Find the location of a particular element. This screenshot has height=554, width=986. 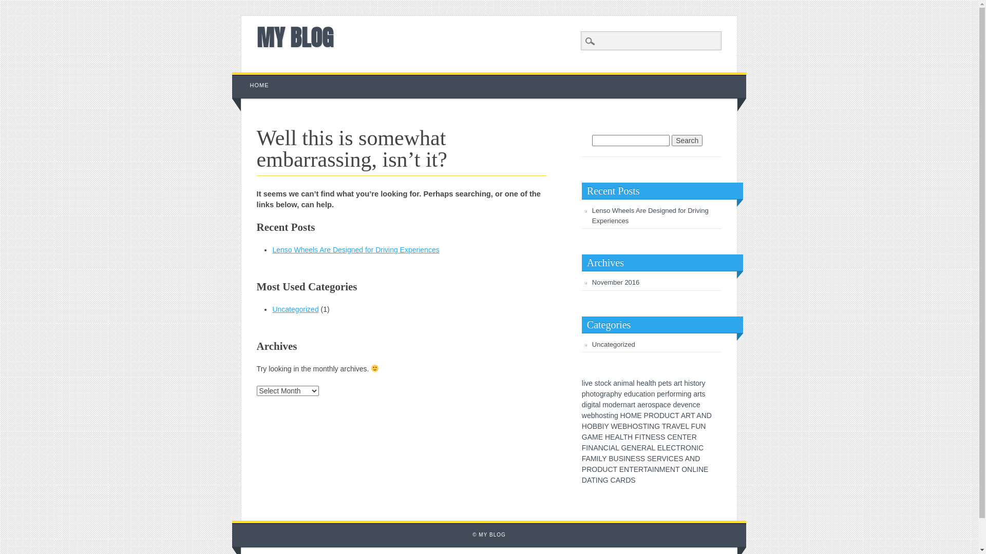

'a' is located at coordinates (640, 393).